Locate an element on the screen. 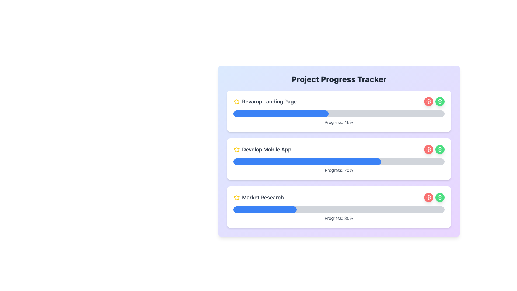 The height and width of the screenshot is (291, 517). the green button on the rightmost end of the 'Revamp Landing Page' progress tracker is located at coordinates (440, 102).